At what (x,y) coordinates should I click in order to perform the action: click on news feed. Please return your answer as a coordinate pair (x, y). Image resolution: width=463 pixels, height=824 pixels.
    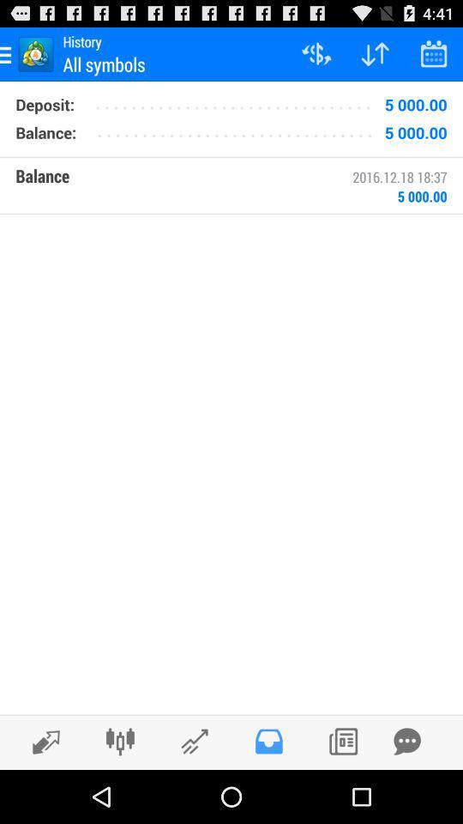
    Looking at the image, I should click on (343, 741).